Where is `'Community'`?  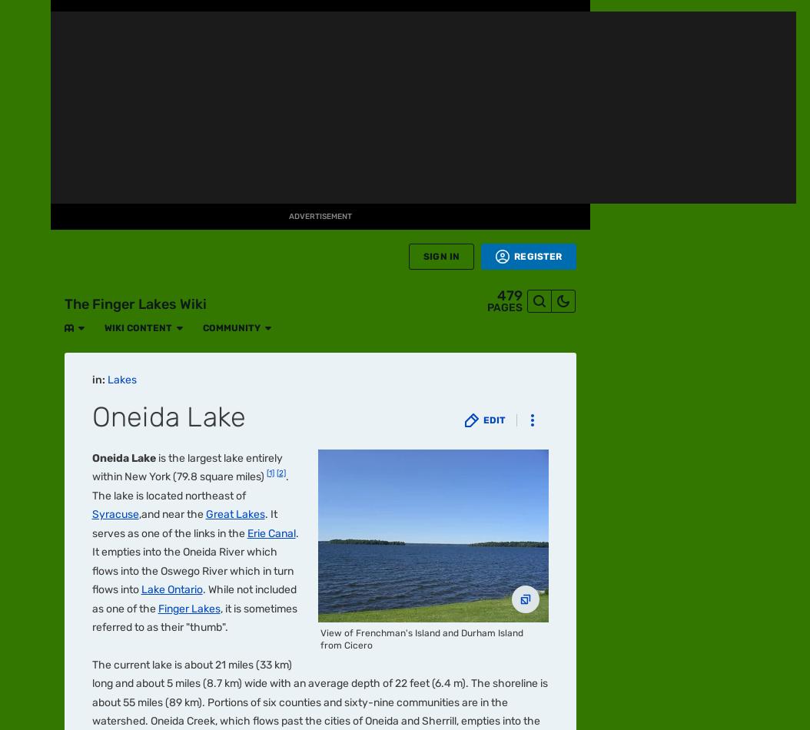
'Community' is located at coordinates (212, 17).